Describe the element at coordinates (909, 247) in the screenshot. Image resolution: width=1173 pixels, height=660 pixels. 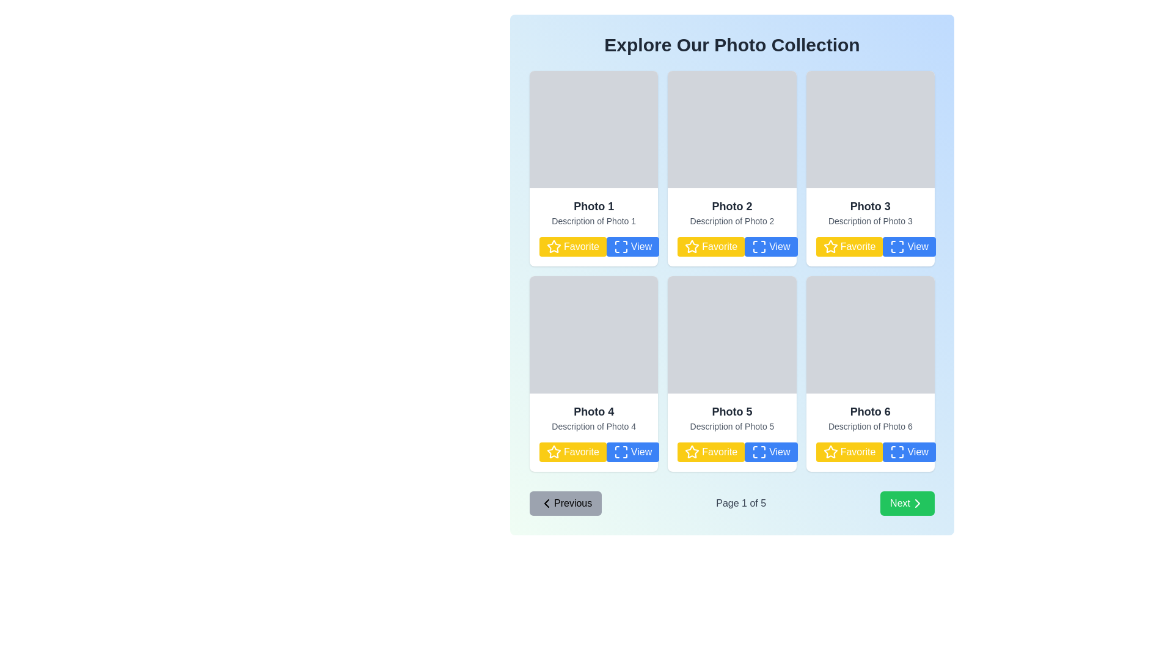
I see `the 'View' button with a blue background and white text` at that location.